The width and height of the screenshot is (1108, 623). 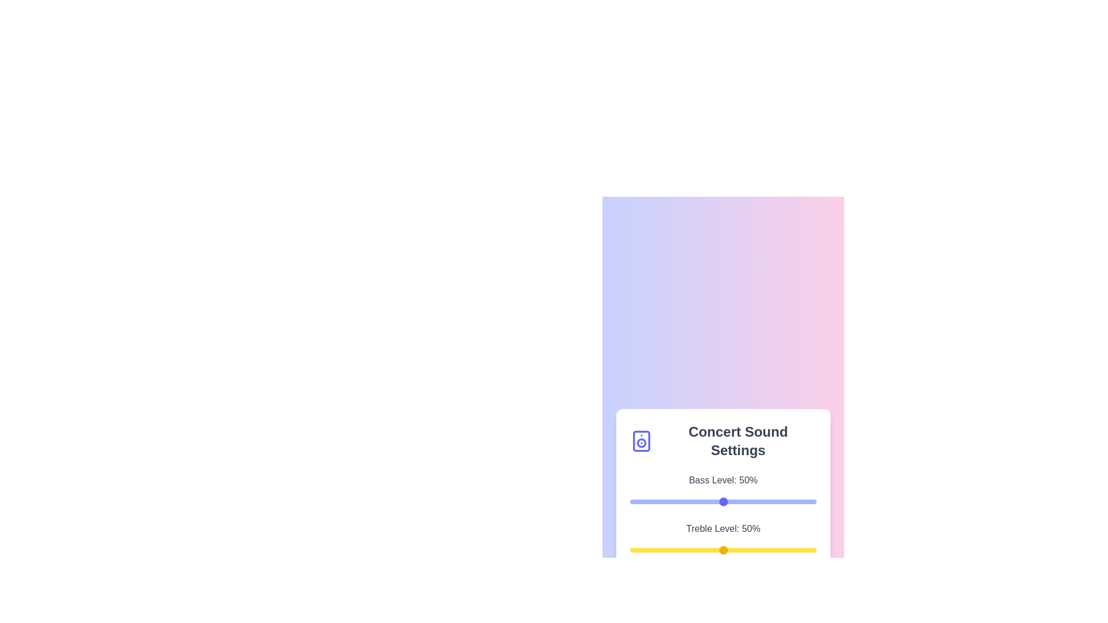 I want to click on the bass level slider to 46%, so click(x=715, y=501).